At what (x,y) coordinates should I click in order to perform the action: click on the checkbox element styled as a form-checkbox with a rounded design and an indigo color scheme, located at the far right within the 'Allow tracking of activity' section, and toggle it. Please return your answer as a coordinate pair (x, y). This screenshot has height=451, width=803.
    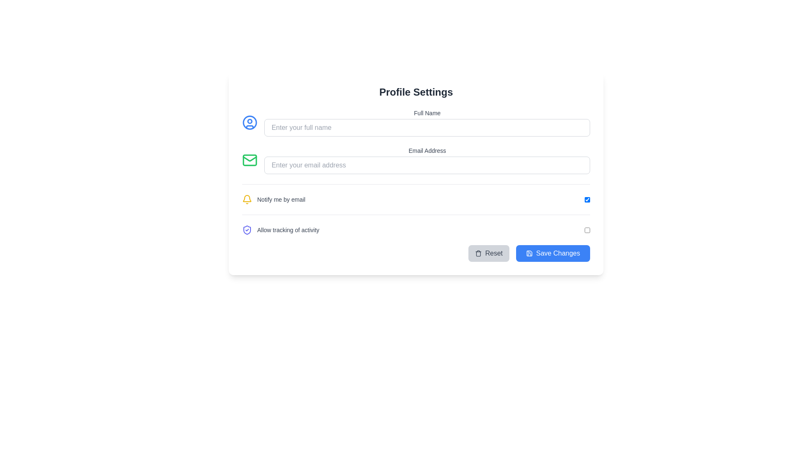
    Looking at the image, I should click on (587, 230).